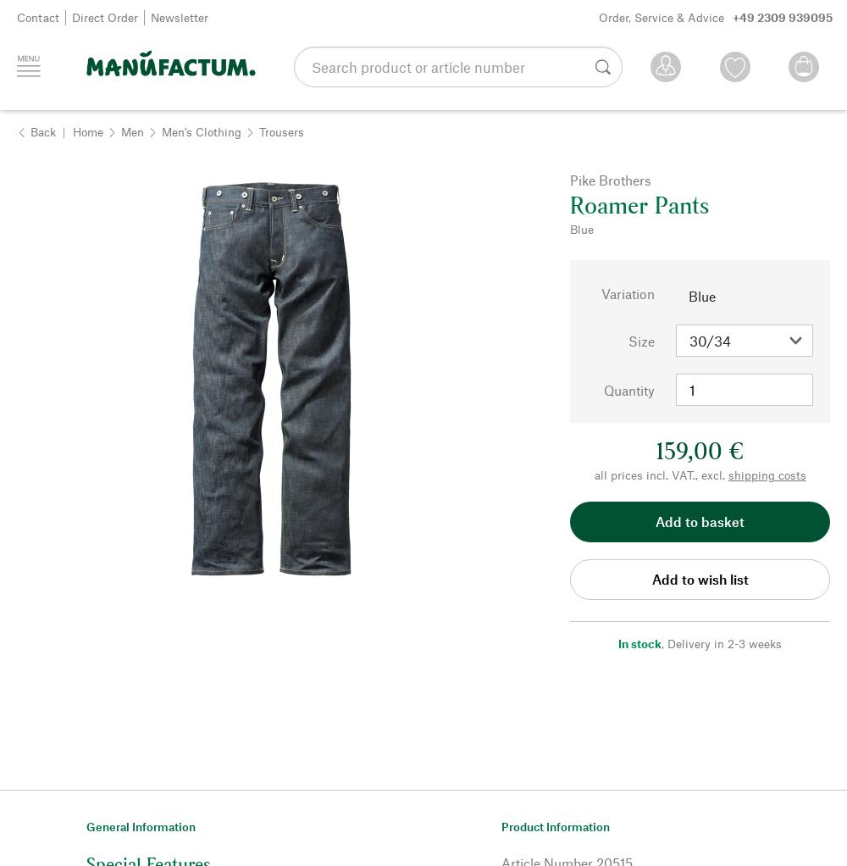  What do you see at coordinates (699, 449) in the screenshot?
I see `'159,00 €'` at bounding box center [699, 449].